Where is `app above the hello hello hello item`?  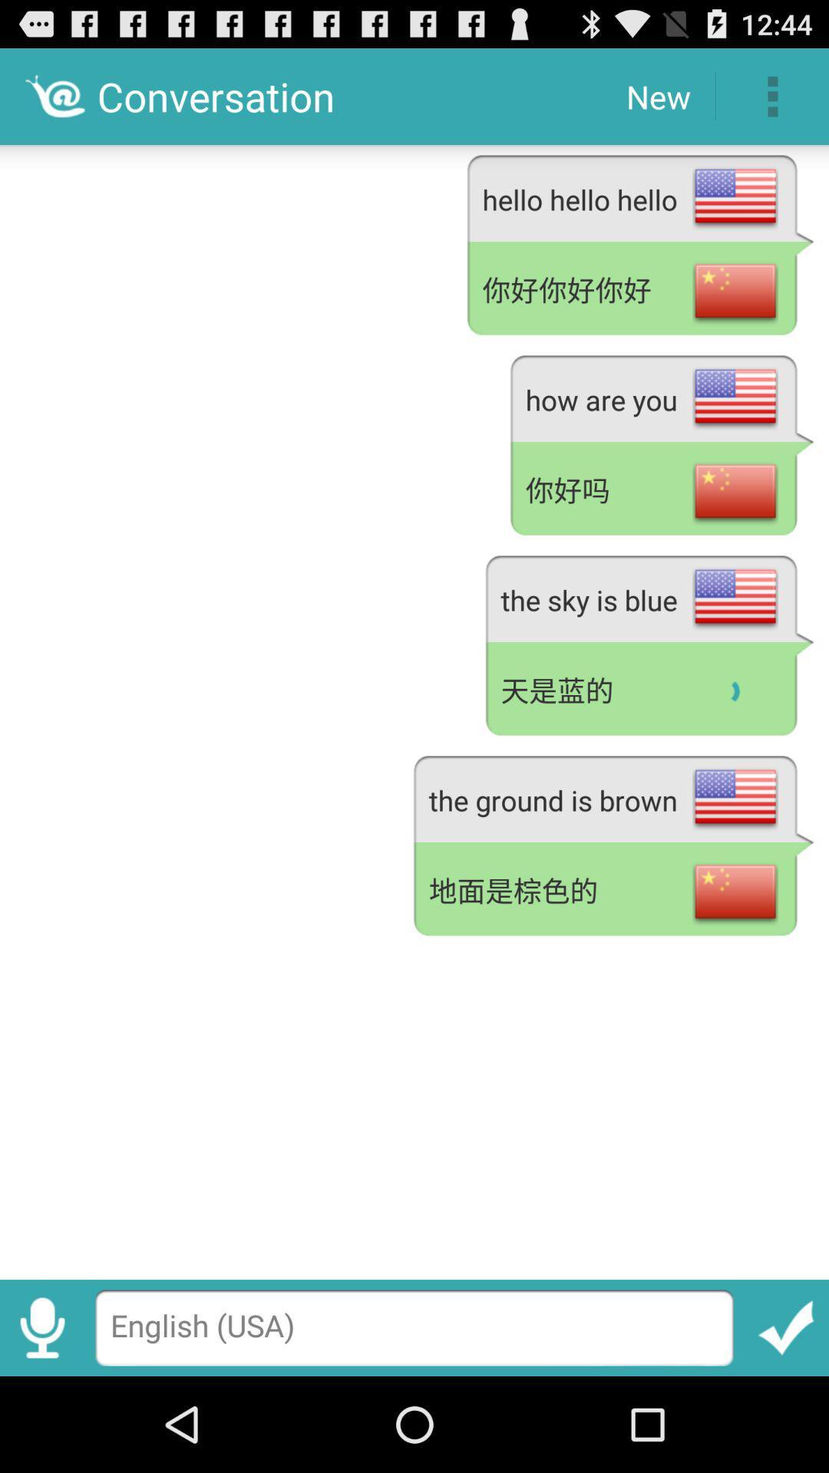
app above the hello hello hello item is located at coordinates (772, 95).